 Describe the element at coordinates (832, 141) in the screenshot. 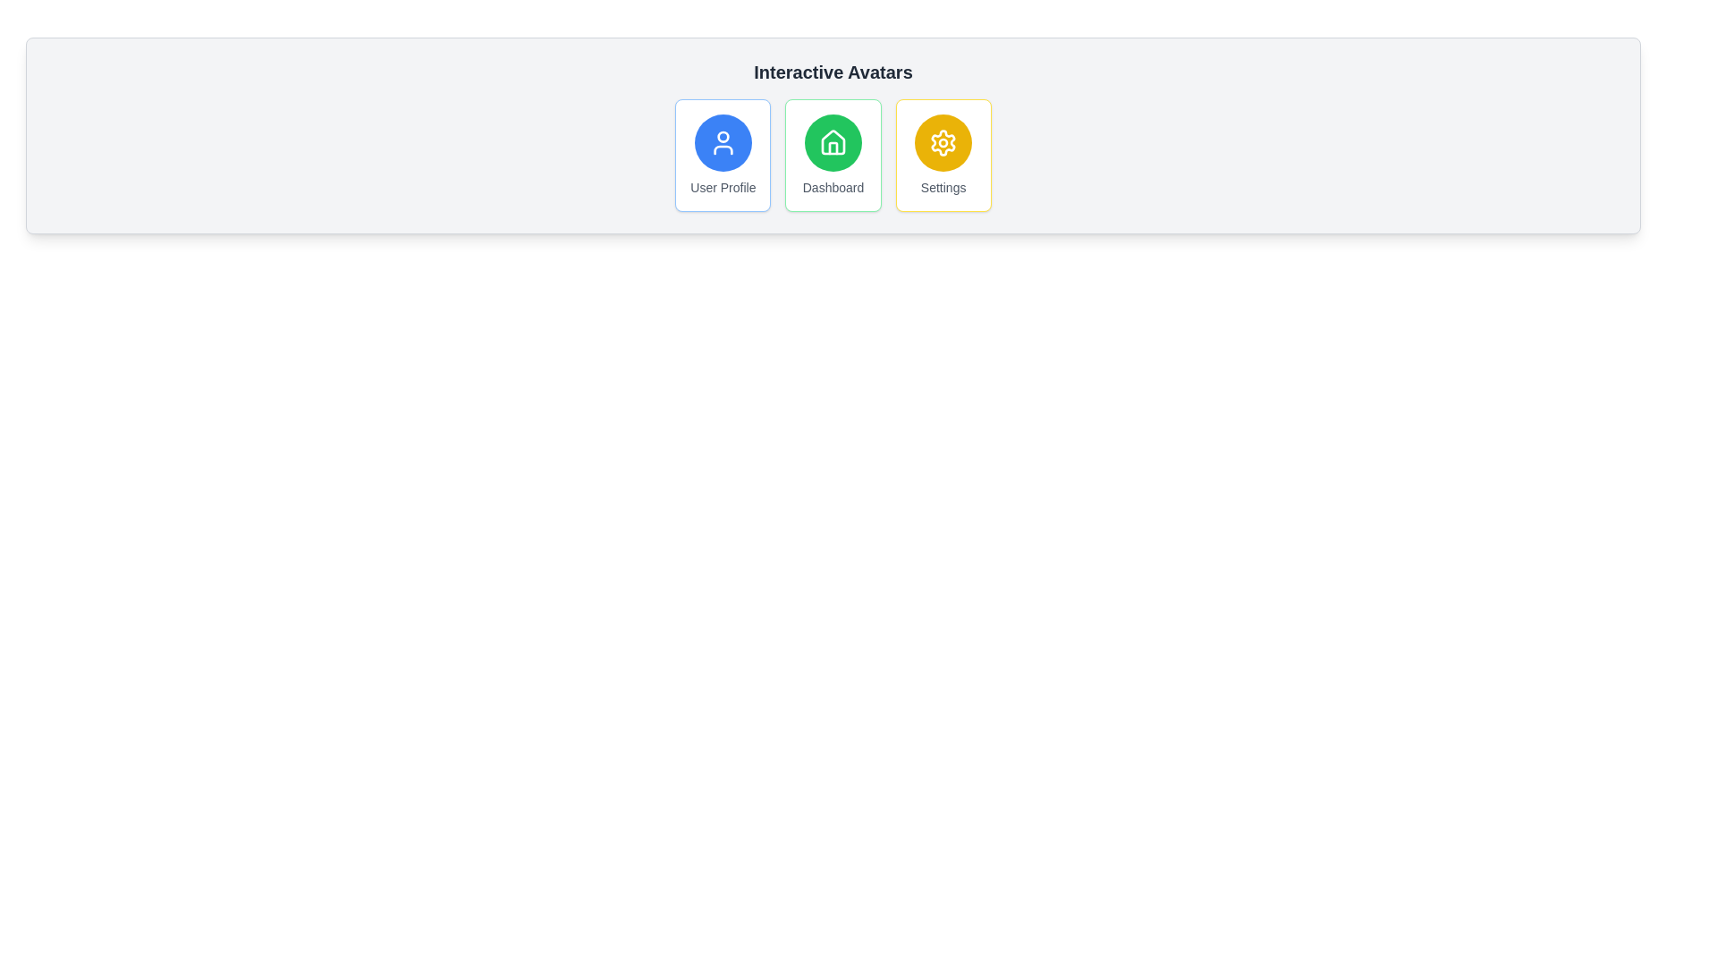

I see `the SVG Icon representing the home or dashboard functionality, which is centered within the green circular button labeled 'Dashboard', located under the 'Interactive Avatars' heading` at that location.